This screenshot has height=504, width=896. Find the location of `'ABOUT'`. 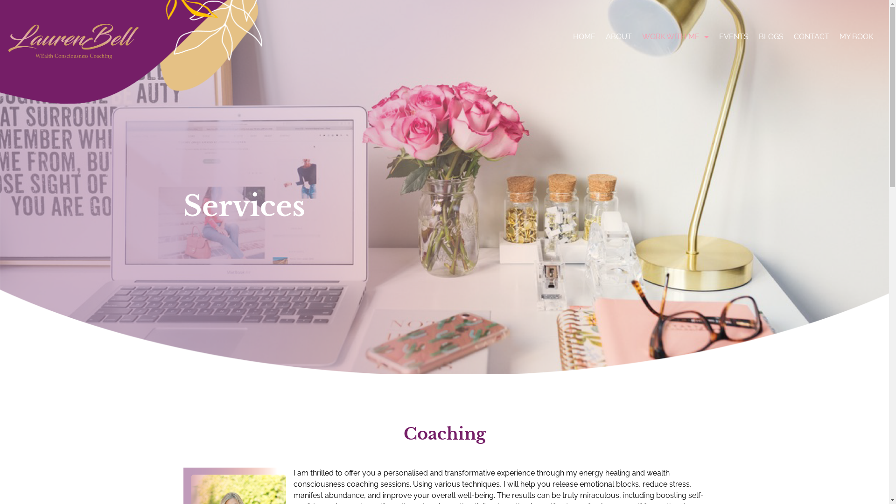

'ABOUT' is located at coordinates (600, 36).